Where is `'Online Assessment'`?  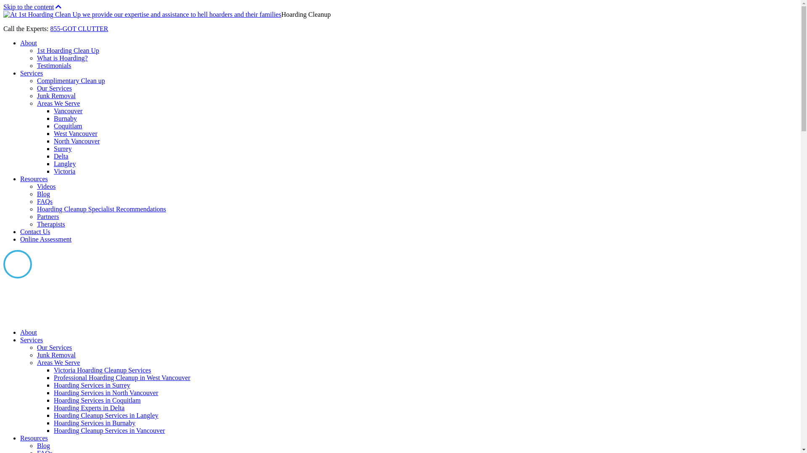 'Online Assessment' is located at coordinates (45, 239).